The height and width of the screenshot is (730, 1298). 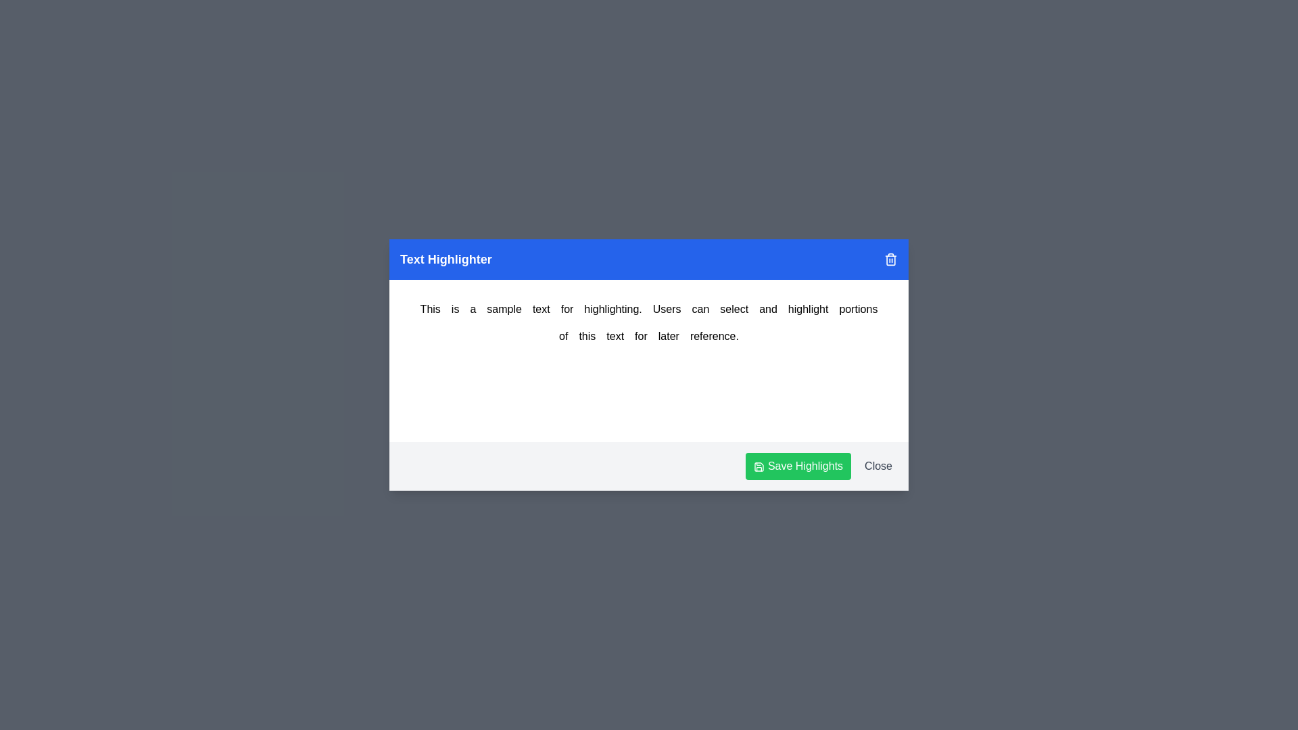 What do you see at coordinates (667, 310) in the screenshot?
I see `the word 'Users' by clicking on it` at bounding box center [667, 310].